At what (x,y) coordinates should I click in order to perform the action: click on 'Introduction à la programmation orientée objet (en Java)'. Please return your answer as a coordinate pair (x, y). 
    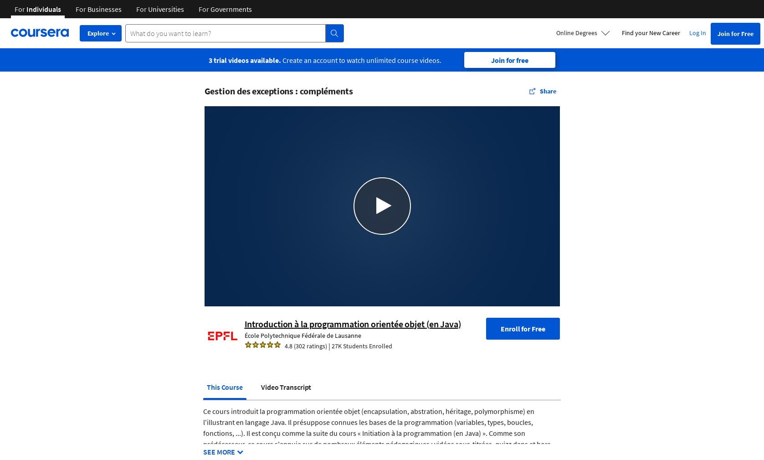
    Looking at the image, I should click on (352, 323).